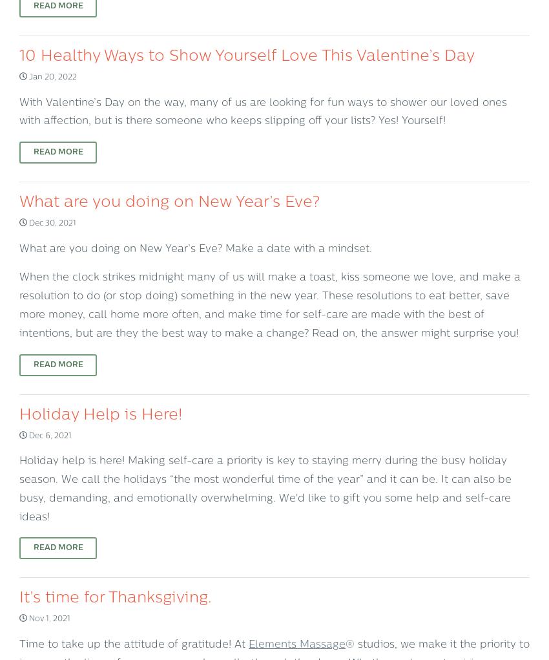 The width and height of the screenshot is (549, 660). Describe the element at coordinates (270, 305) in the screenshot. I see `'When the clock strikes midnight many of us will make a toast, kiss someone we love, and make a resolution to do (or stop doing) something in the new year. These resolutions to eat better, save more money, call home more often, and make time for self-care are made with the best of intentions, but are they the best way to make a change? Read on, the answer might surprise you!'` at that location.